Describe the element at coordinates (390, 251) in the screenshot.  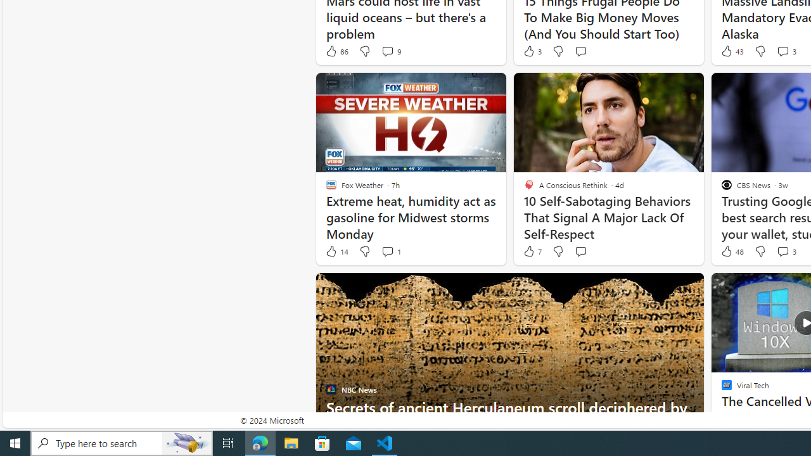
I see `'View comments 1 Comment'` at that location.